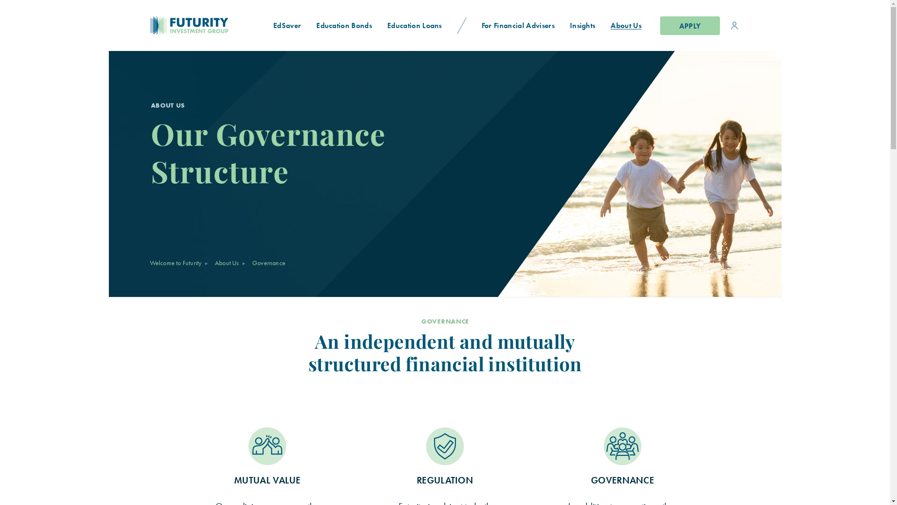  Describe the element at coordinates (286, 25) in the screenshot. I see `'EdSaver'` at that location.